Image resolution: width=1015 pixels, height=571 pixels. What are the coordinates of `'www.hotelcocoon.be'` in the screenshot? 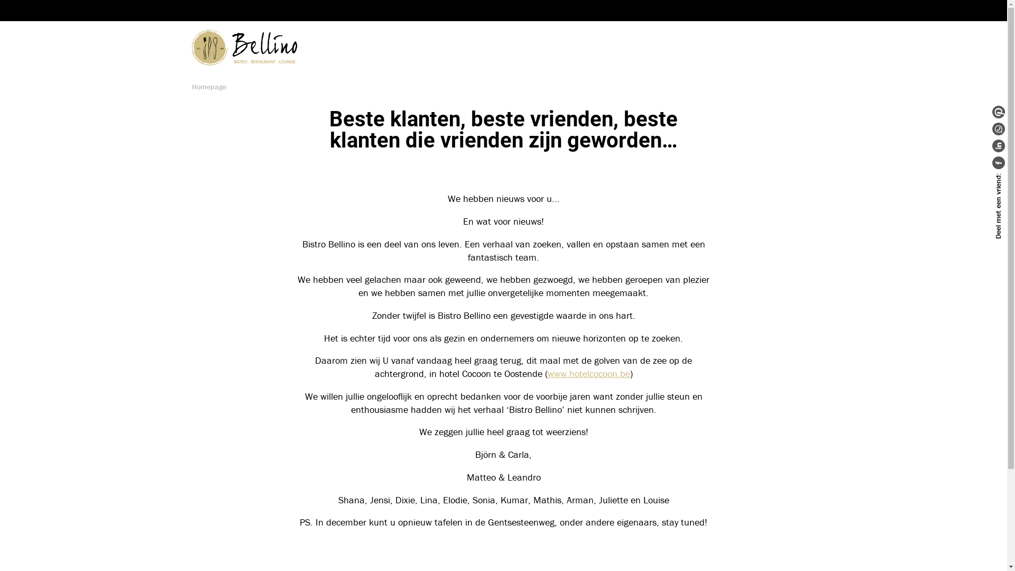 It's located at (588, 373).